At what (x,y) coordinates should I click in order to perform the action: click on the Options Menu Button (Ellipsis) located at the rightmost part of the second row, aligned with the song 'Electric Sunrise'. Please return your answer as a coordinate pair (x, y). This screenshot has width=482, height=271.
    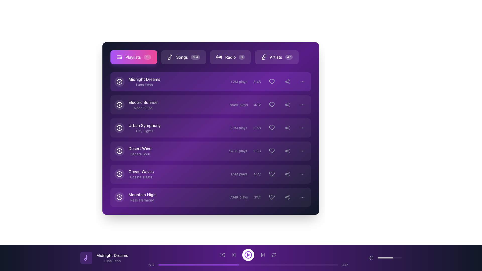
    Looking at the image, I should click on (302, 104).